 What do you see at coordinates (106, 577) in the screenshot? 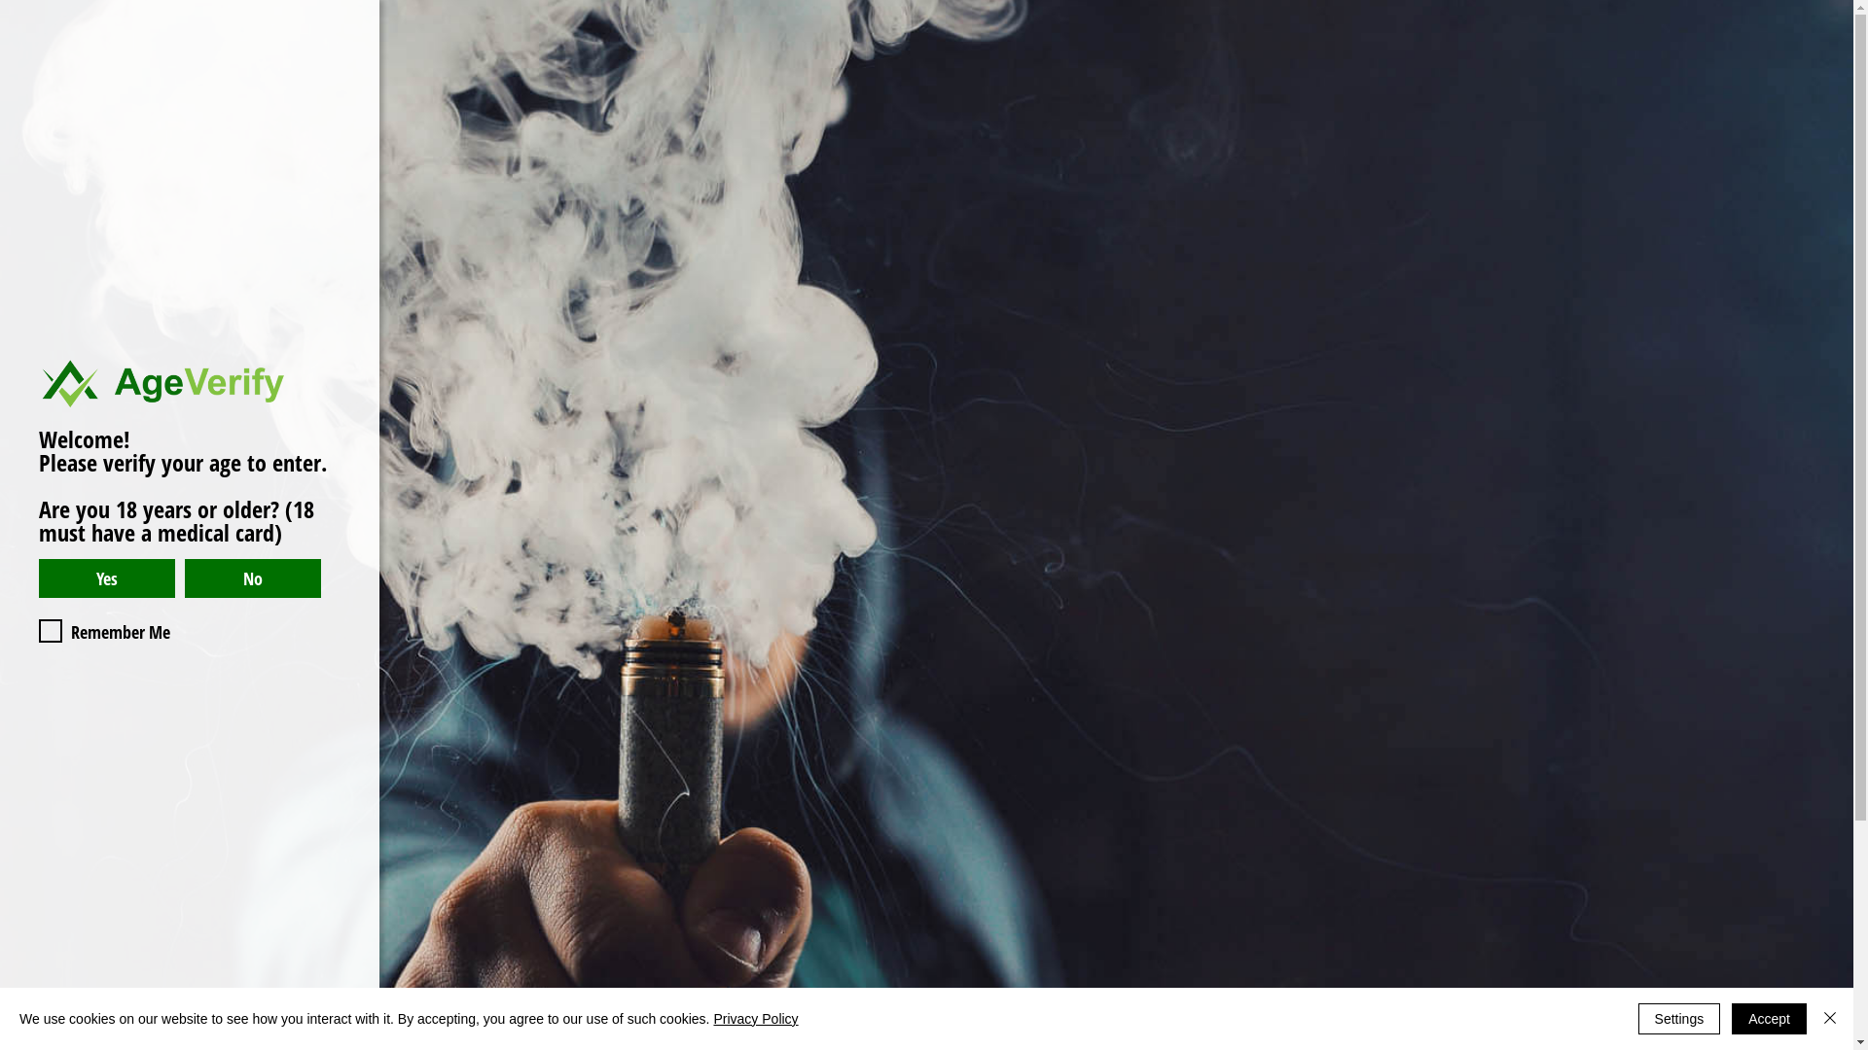
I see `'Yes'` at bounding box center [106, 577].